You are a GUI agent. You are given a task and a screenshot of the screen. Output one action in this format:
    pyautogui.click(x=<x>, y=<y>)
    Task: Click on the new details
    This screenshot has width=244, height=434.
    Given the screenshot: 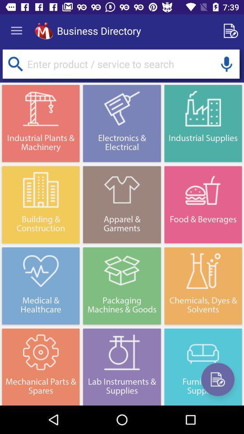 What is the action you would take?
    pyautogui.click(x=217, y=379)
    